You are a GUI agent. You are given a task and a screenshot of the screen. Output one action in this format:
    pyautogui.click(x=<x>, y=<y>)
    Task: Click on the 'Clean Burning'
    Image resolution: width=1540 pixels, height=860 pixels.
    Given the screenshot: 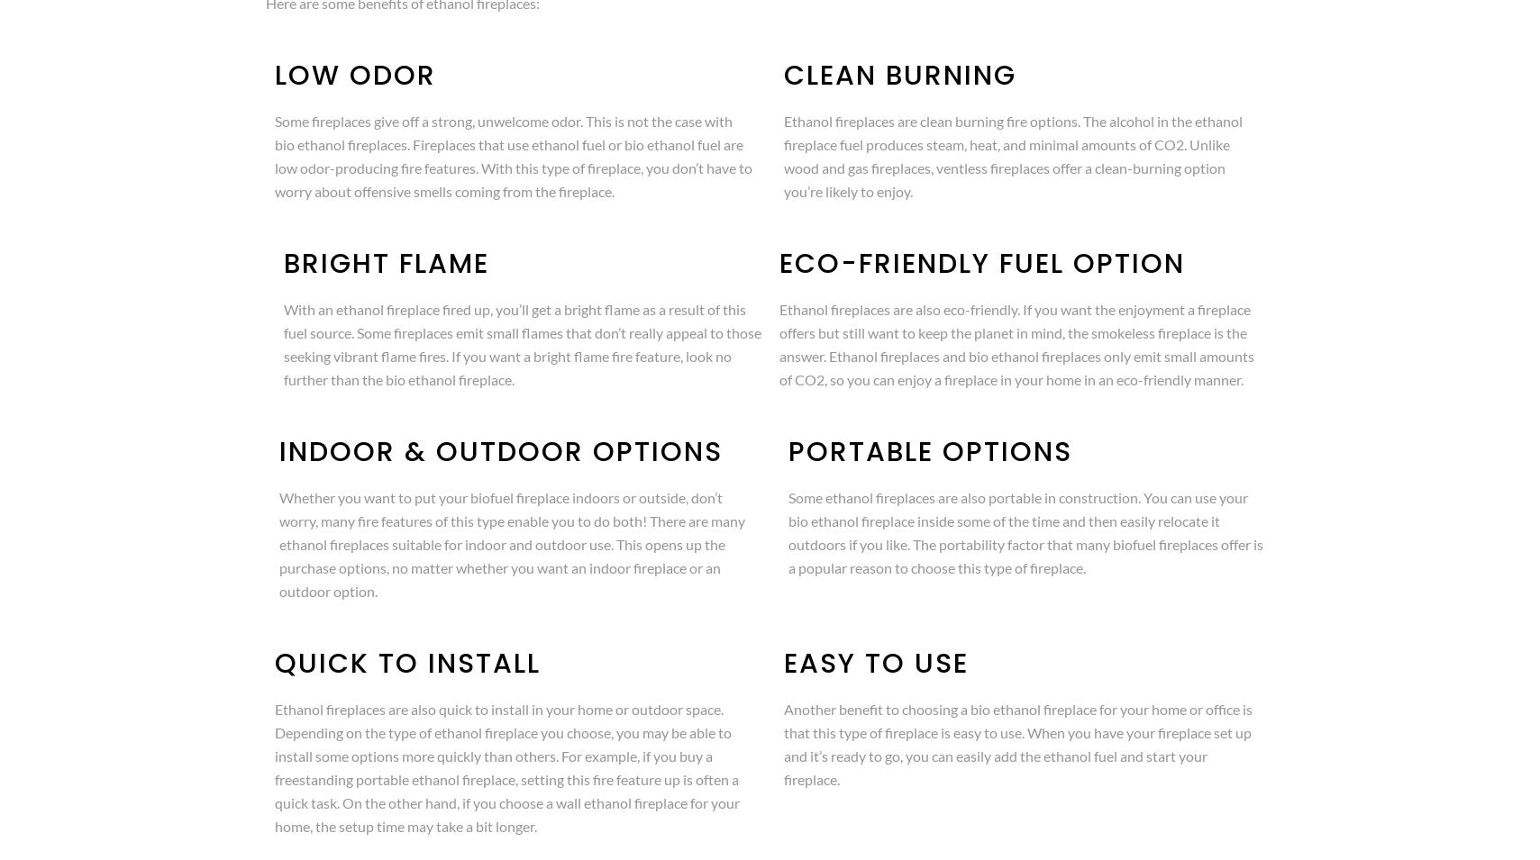 What is the action you would take?
    pyautogui.click(x=899, y=75)
    